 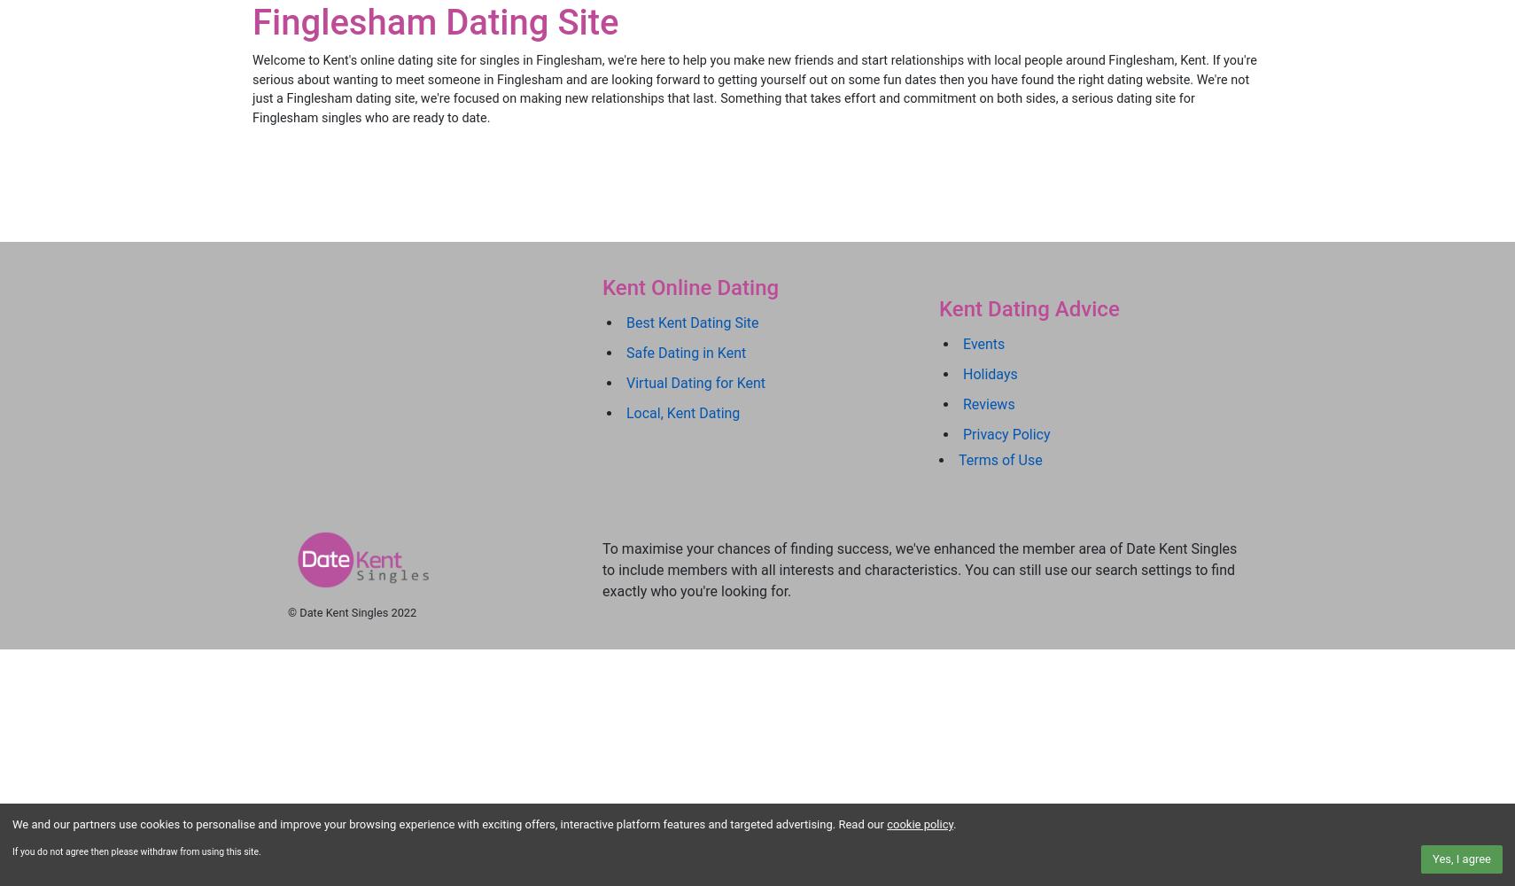 I want to click on 'Events', so click(x=983, y=343).